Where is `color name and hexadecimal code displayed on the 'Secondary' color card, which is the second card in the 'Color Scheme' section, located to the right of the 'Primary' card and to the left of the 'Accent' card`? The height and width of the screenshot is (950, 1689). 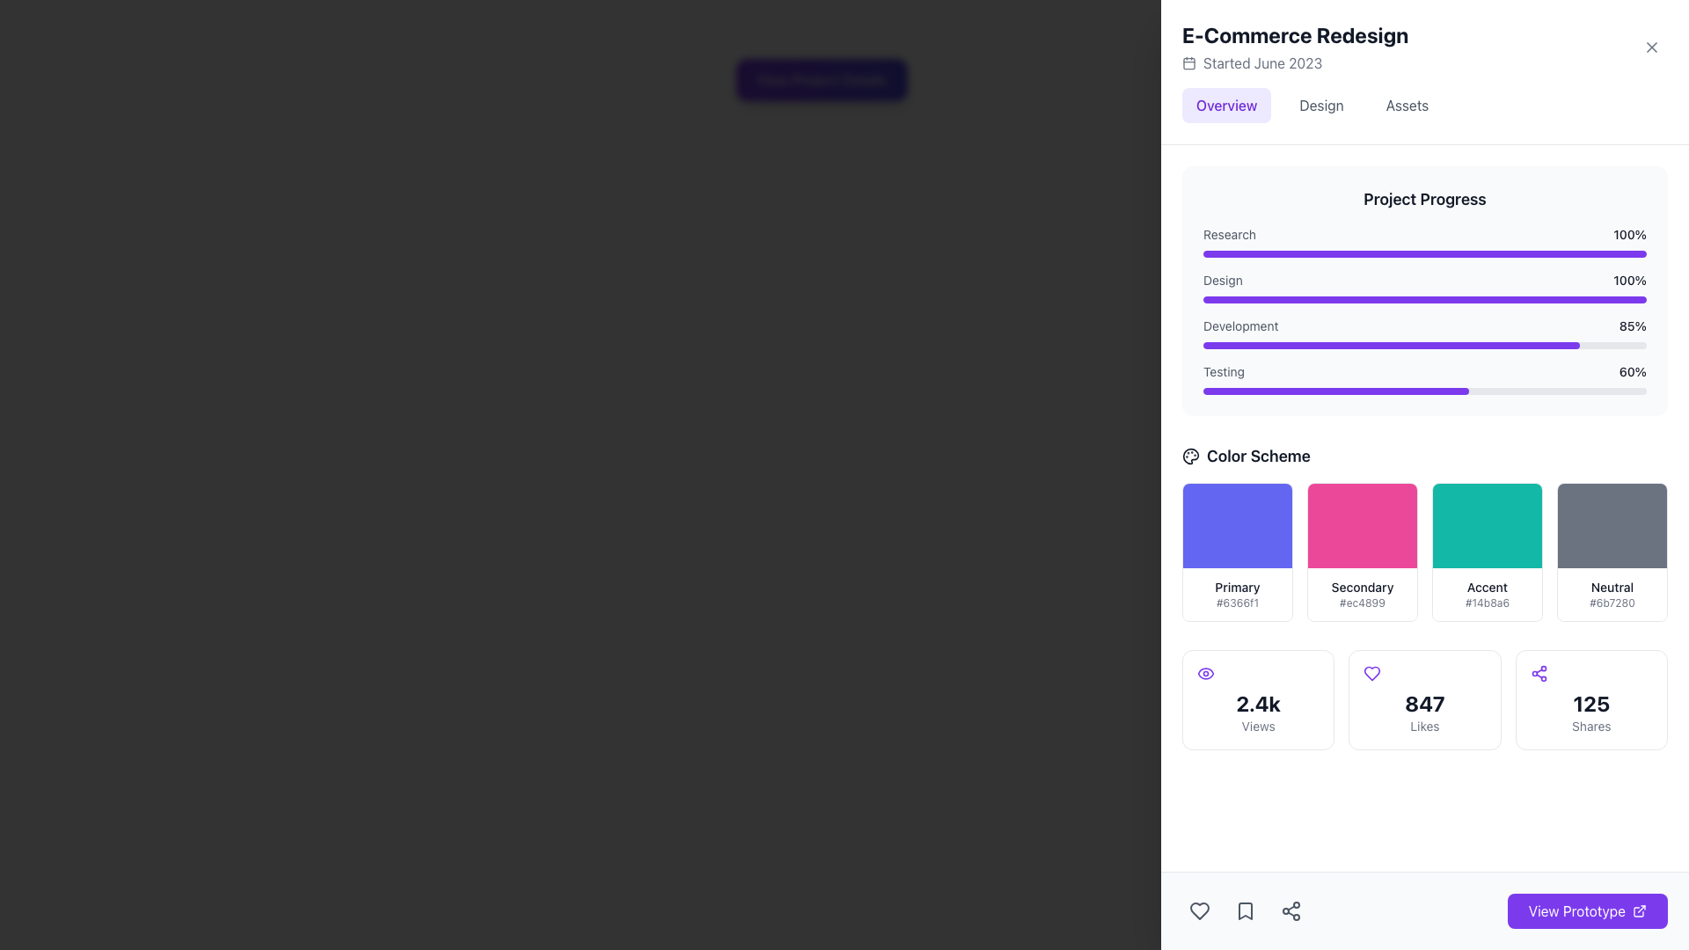 color name and hexadecimal code displayed on the 'Secondary' color card, which is the second card in the 'Color Scheme' section, located to the right of the 'Primary' card and to the left of the 'Accent' card is located at coordinates (1362, 552).